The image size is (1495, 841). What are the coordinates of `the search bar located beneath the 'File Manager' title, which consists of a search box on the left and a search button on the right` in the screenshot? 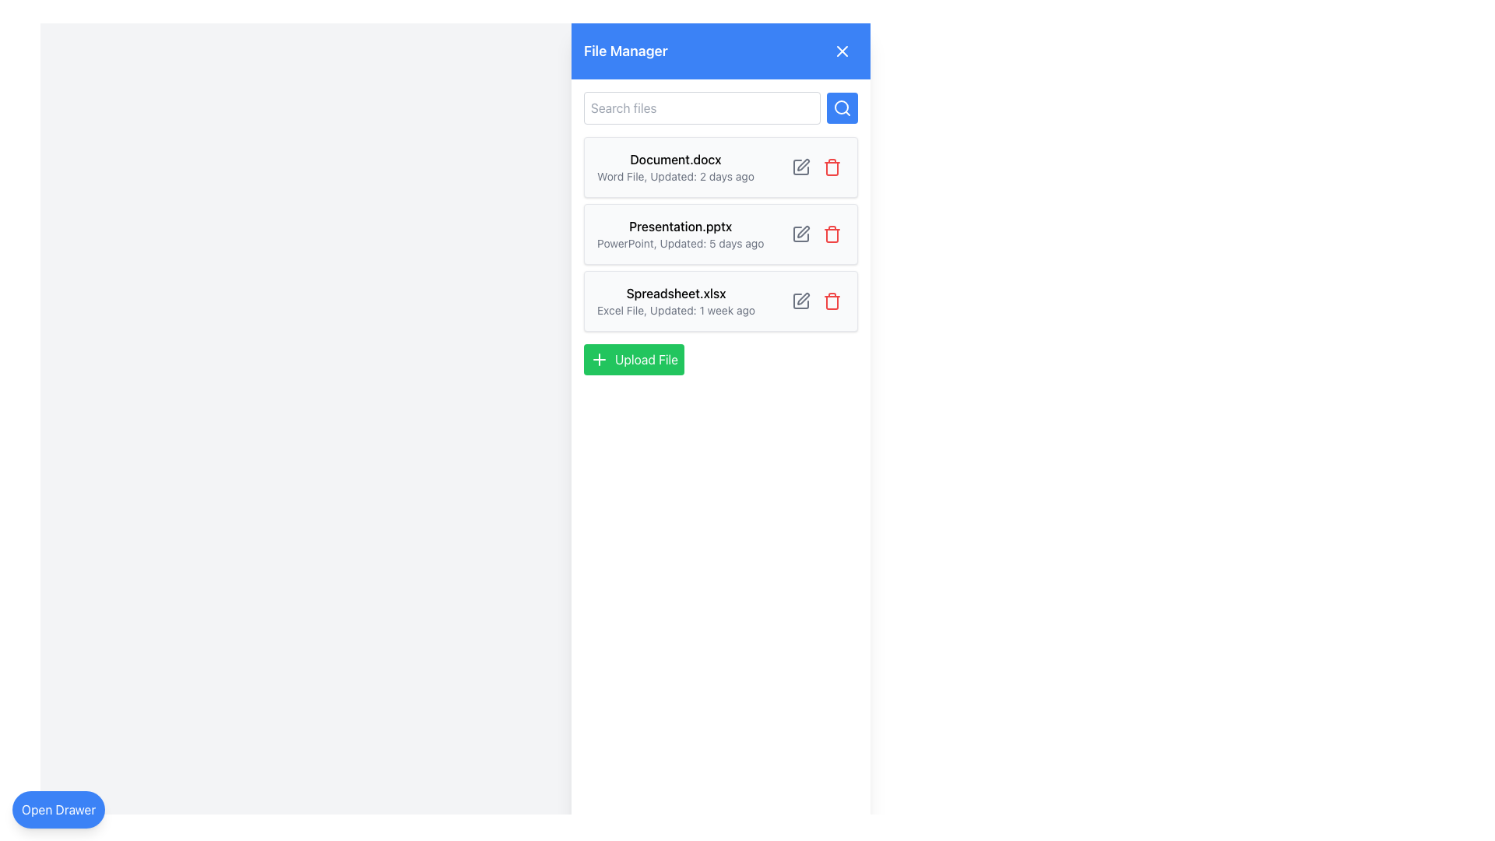 It's located at (720, 107).